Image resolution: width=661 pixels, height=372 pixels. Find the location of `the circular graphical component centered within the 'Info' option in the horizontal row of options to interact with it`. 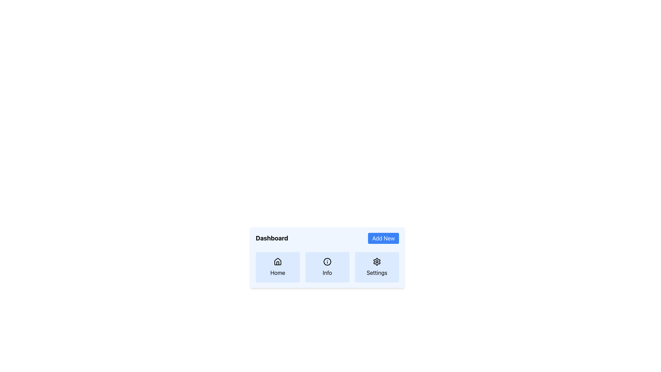

the circular graphical component centered within the 'Info' option in the horizontal row of options to interact with it is located at coordinates (327, 261).